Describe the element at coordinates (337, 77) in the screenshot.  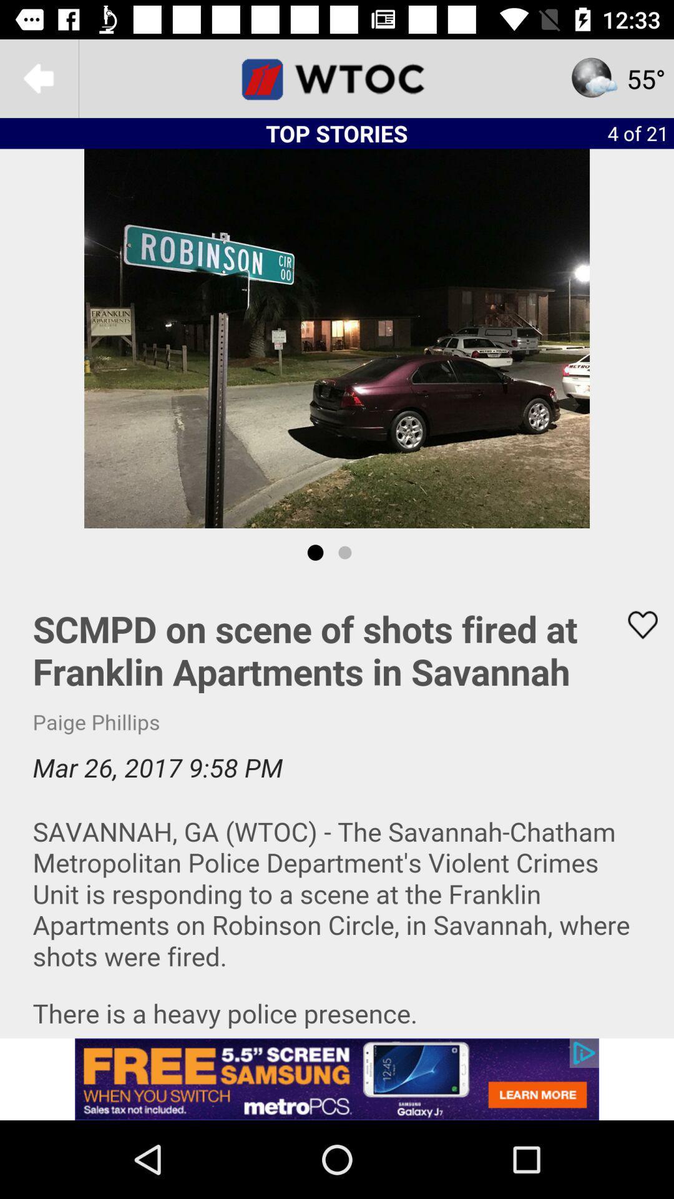
I see `check deals` at that location.